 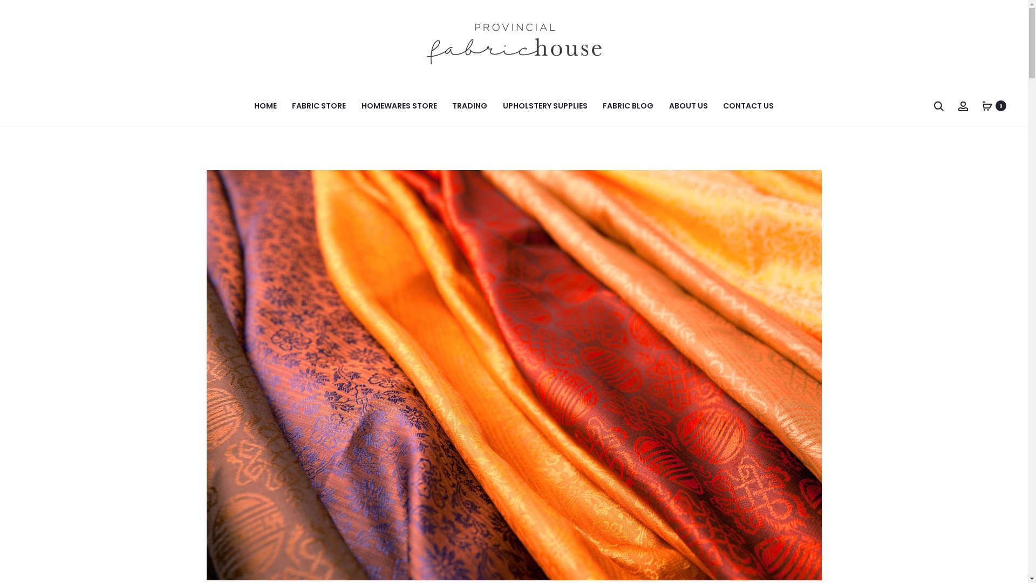 What do you see at coordinates (265, 106) in the screenshot?
I see `'HOME'` at bounding box center [265, 106].